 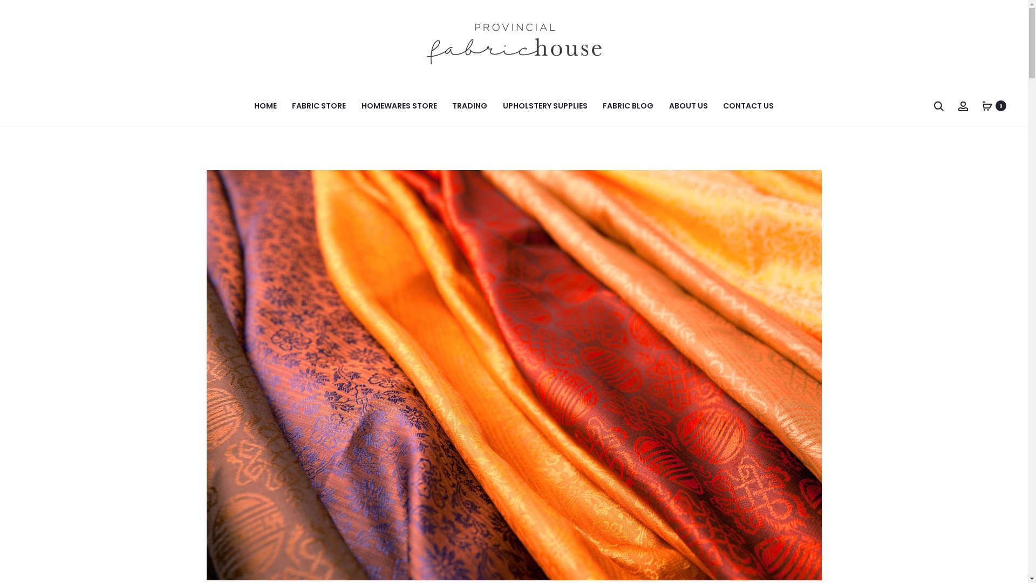 What do you see at coordinates (265, 106) in the screenshot?
I see `'HOME'` at bounding box center [265, 106].